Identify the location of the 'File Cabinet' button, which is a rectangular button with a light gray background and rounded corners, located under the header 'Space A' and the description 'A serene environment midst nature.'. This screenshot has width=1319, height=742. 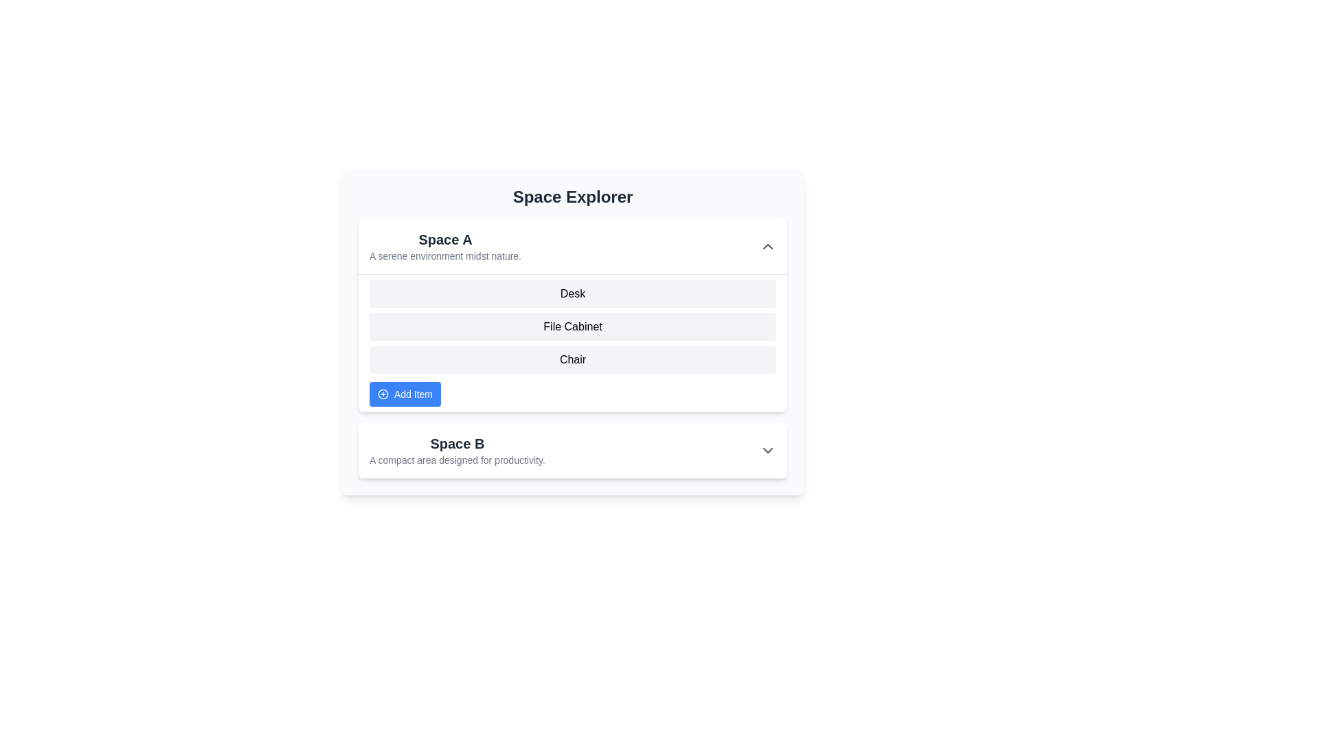
(573, 332).